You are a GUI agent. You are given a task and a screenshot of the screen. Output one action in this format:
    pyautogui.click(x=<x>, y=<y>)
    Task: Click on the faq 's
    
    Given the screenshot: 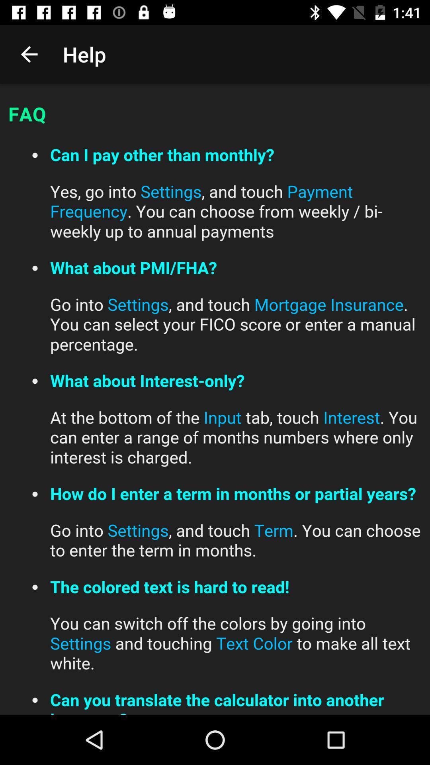 What is the action you would take?
    pyautogui.click(x=215, y=399)
    